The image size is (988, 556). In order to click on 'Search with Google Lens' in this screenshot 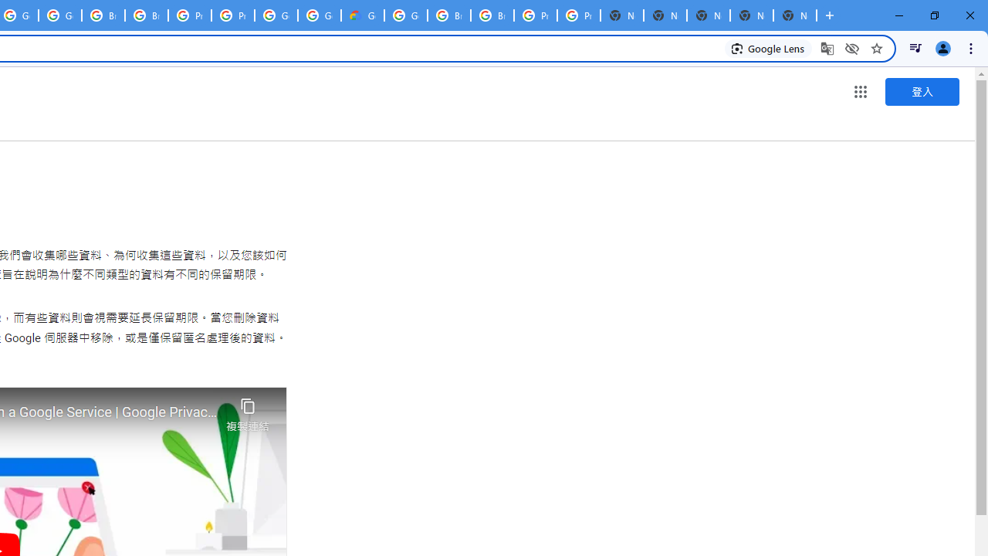, I will do `click(768, 47)`.